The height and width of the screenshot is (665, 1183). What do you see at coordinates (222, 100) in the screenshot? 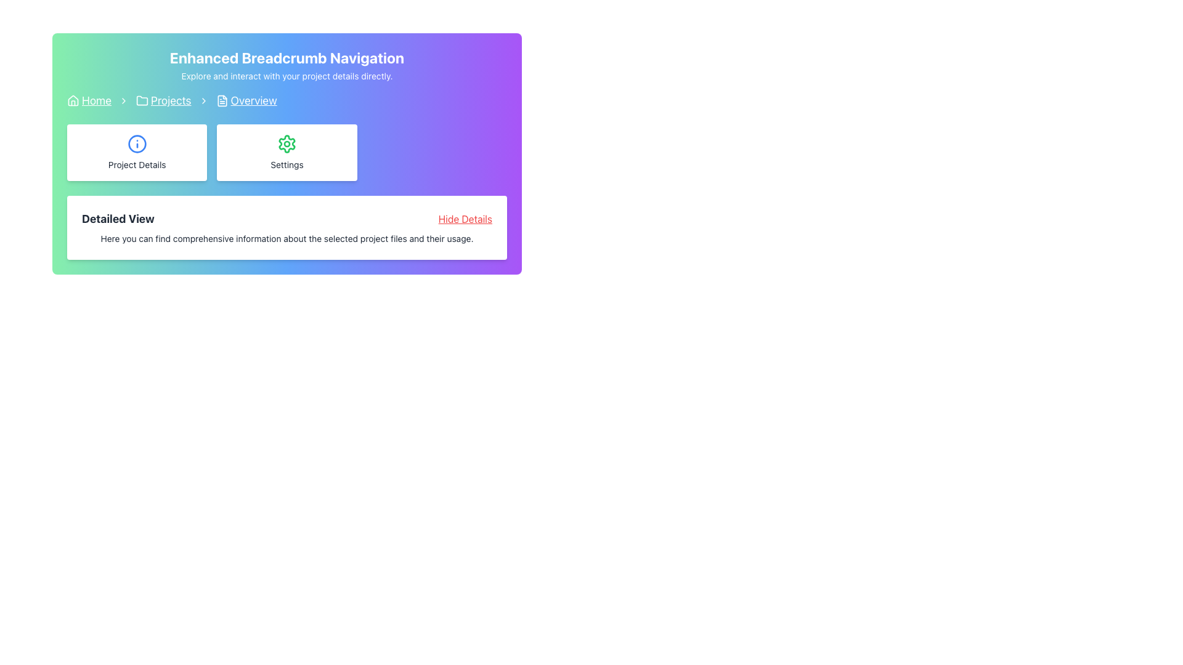
I see `the 'Overview' icon in the breadcrumb navigation, which is located to the immediate left of the text 'Overview' at the top section of the interface` at bounding box center [222, 100].